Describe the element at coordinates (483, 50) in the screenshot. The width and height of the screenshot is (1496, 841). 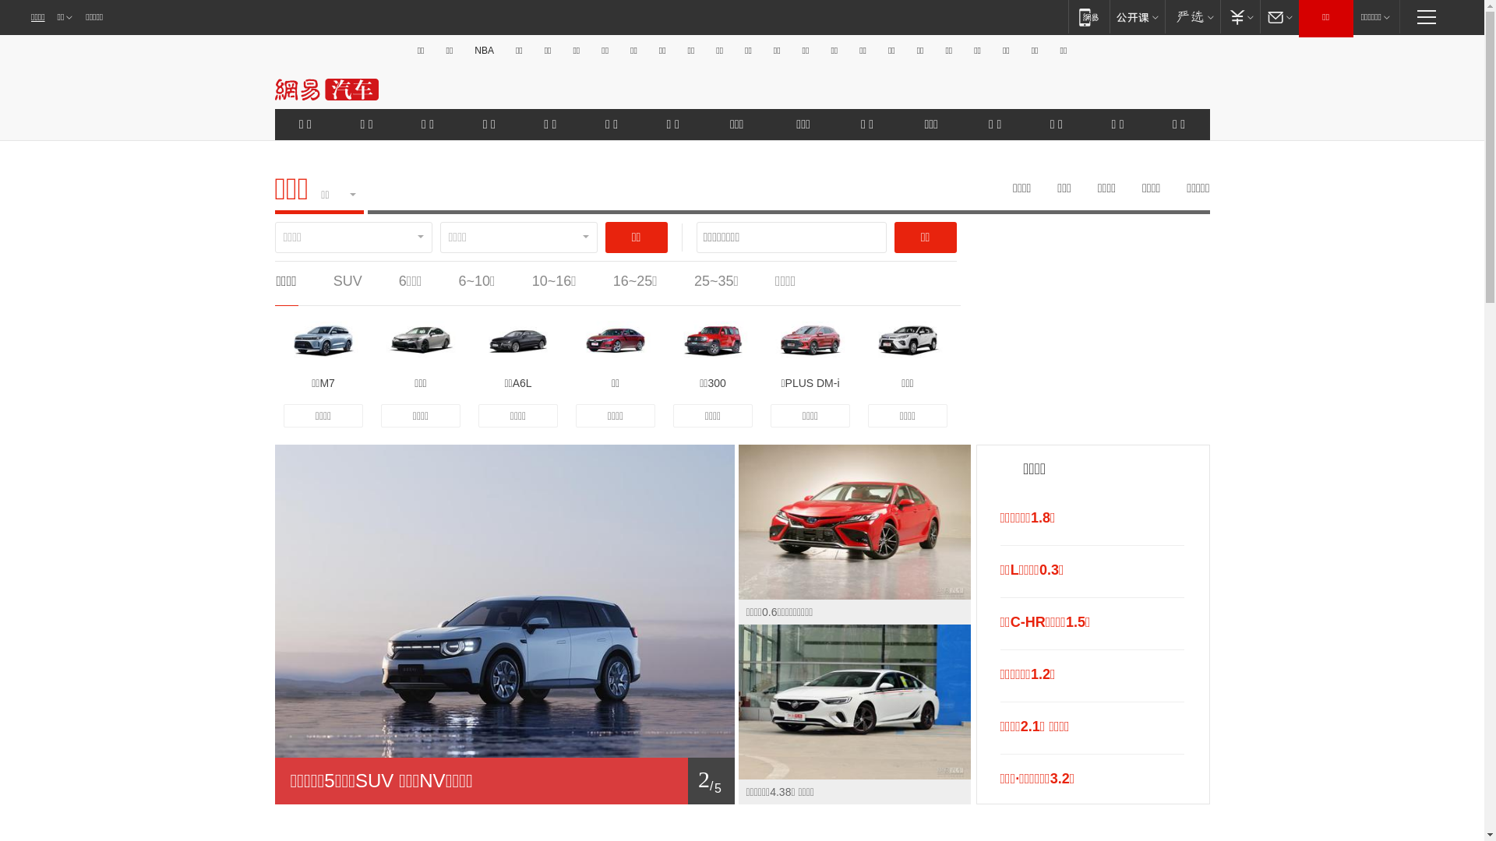
I see `'NBA'` at that location.